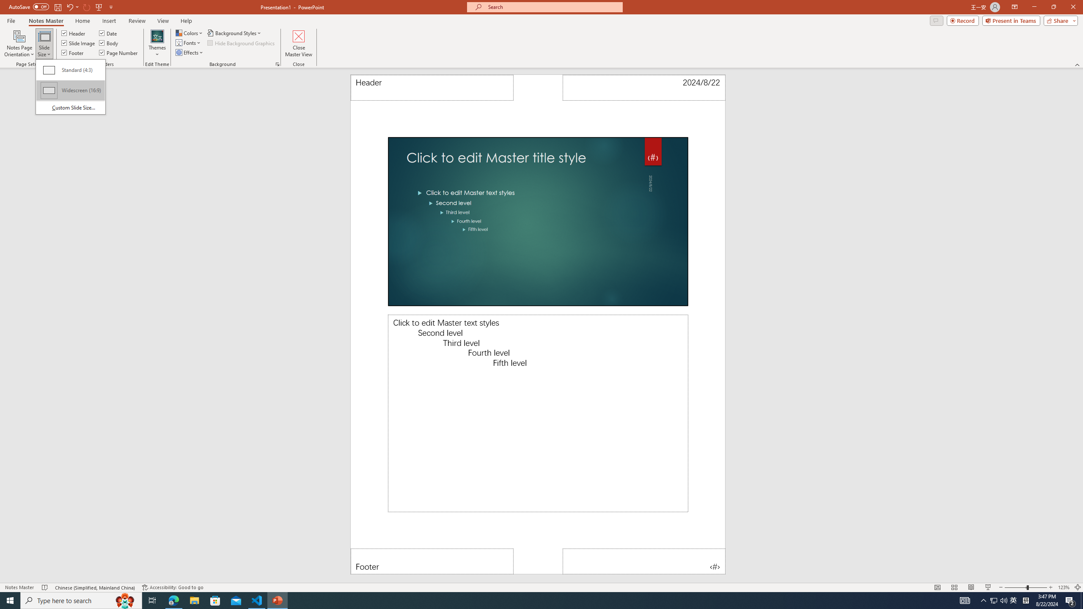 The image size is (1083, 609). Describe the element at coordinates (190, 33) in the screenshot. I see `'Colors'` at that location.